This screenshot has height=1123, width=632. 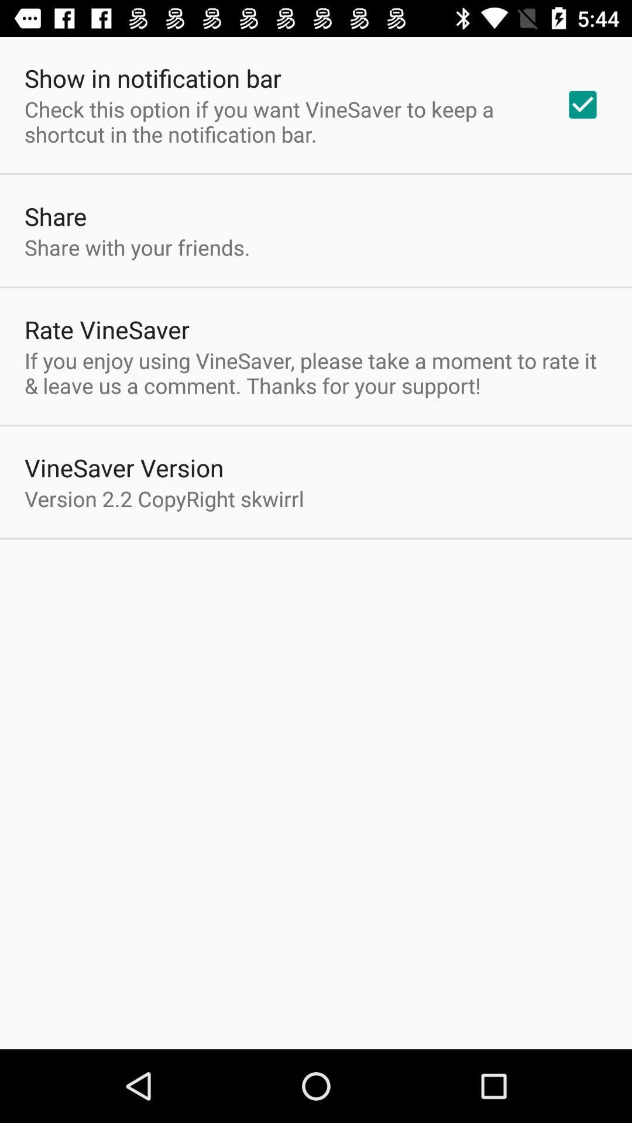 I want to click on check this option app, so click(x=279, y=122).